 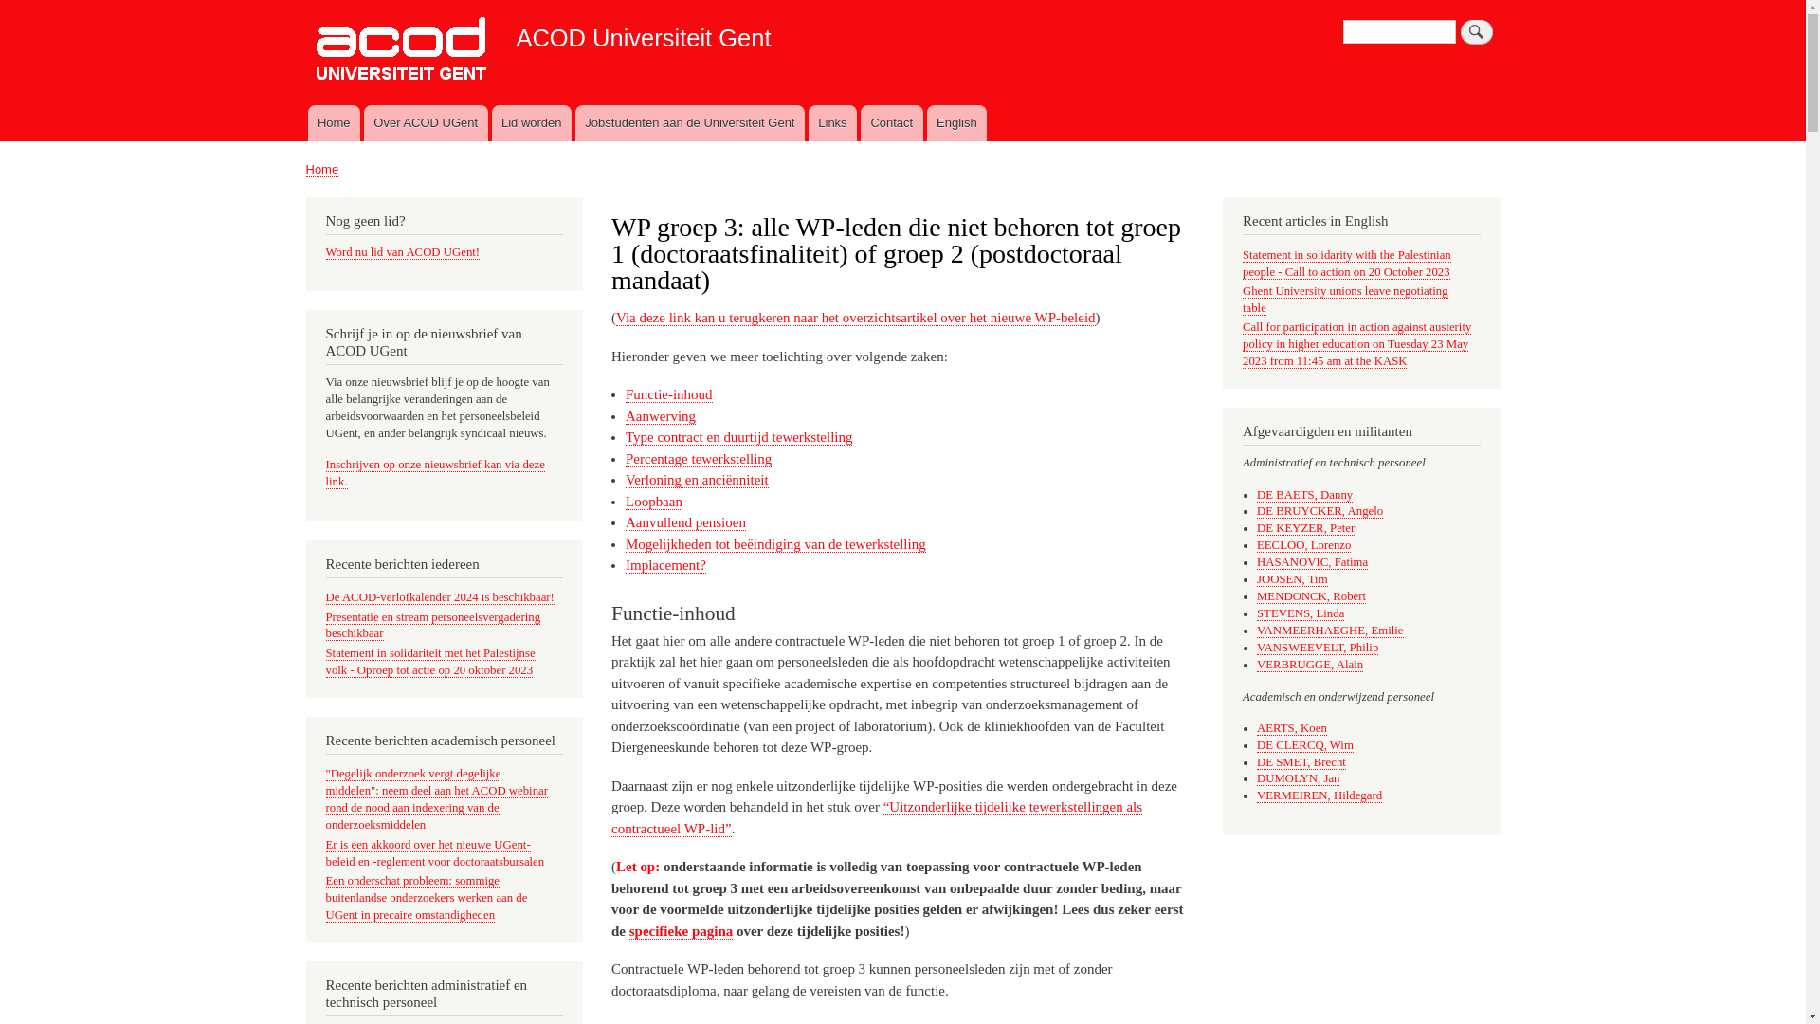 I want to click on 'Skip to main content', so click(x=901, y=2).